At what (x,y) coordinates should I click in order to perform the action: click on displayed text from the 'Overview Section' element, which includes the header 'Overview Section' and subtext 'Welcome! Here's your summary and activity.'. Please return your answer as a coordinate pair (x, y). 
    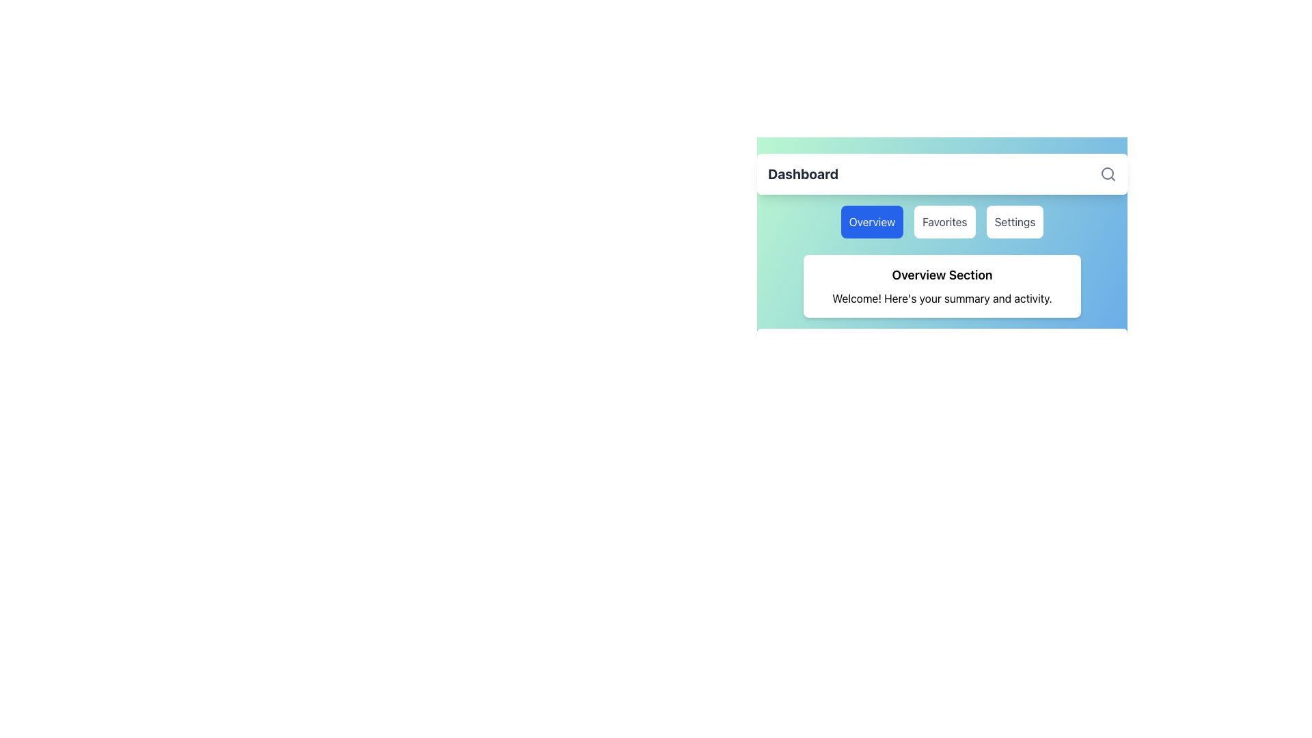
    Looking at the image, I should click on (941, 286).